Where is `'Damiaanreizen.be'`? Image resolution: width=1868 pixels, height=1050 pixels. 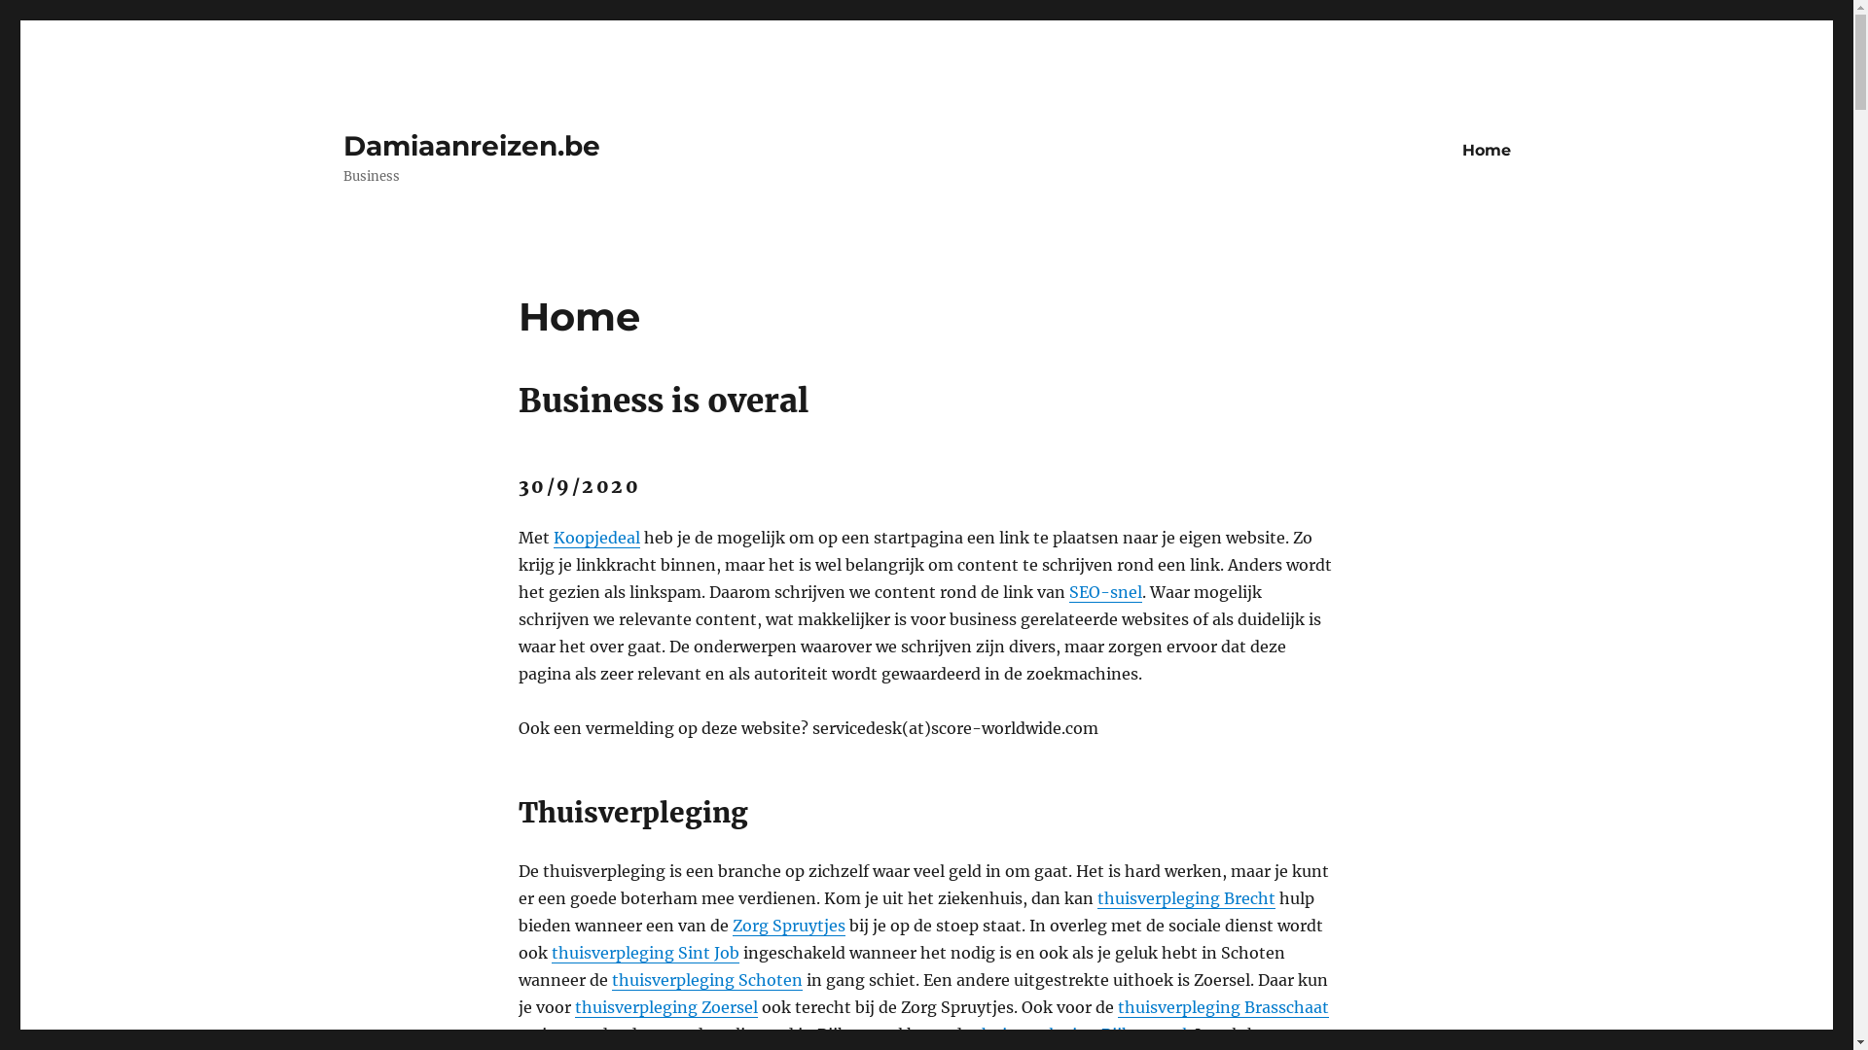 'Damiaanreizen.be' is located at coordinates (471, 145).